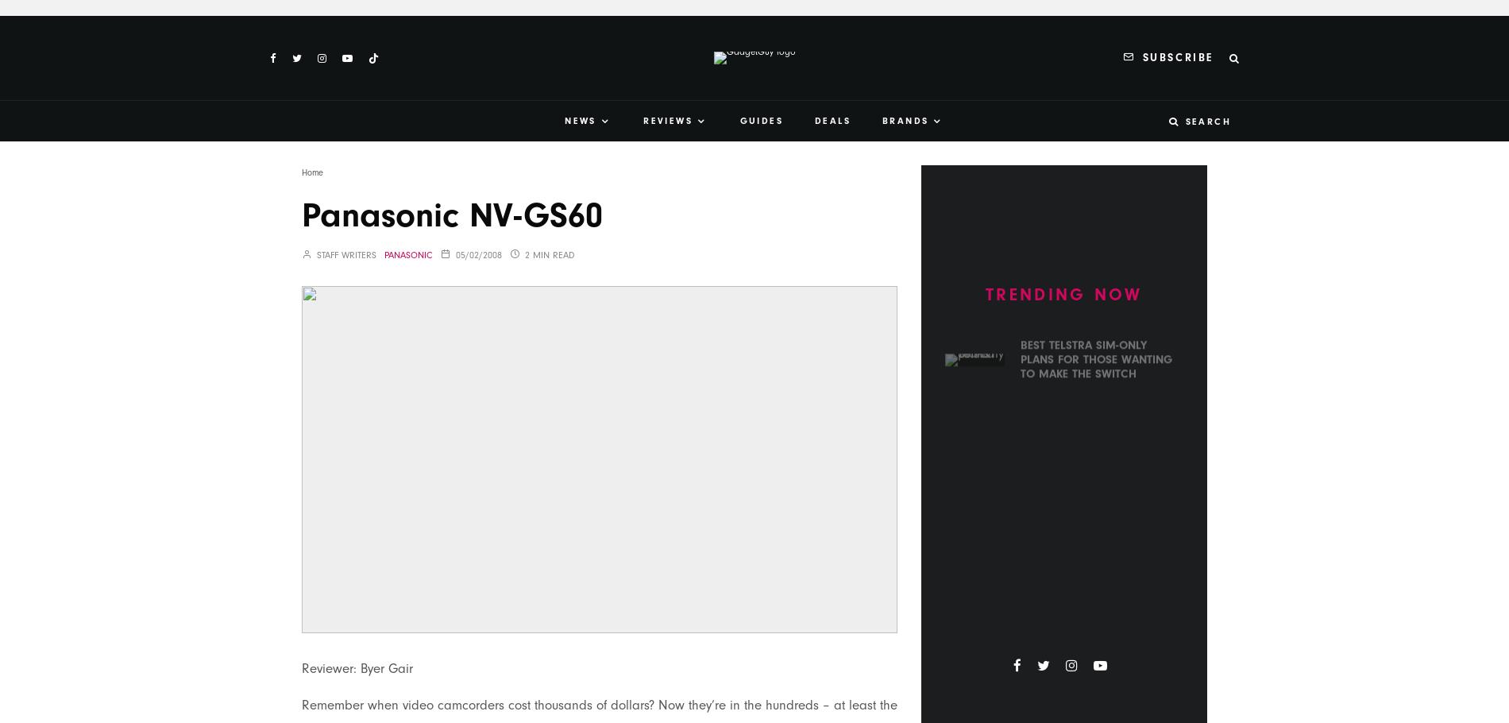 Image resolution: width=1509 pixels, height=723 pixels. I want to click on 'Get our weekly dose of tech in your inbox!', so click(907, 274).